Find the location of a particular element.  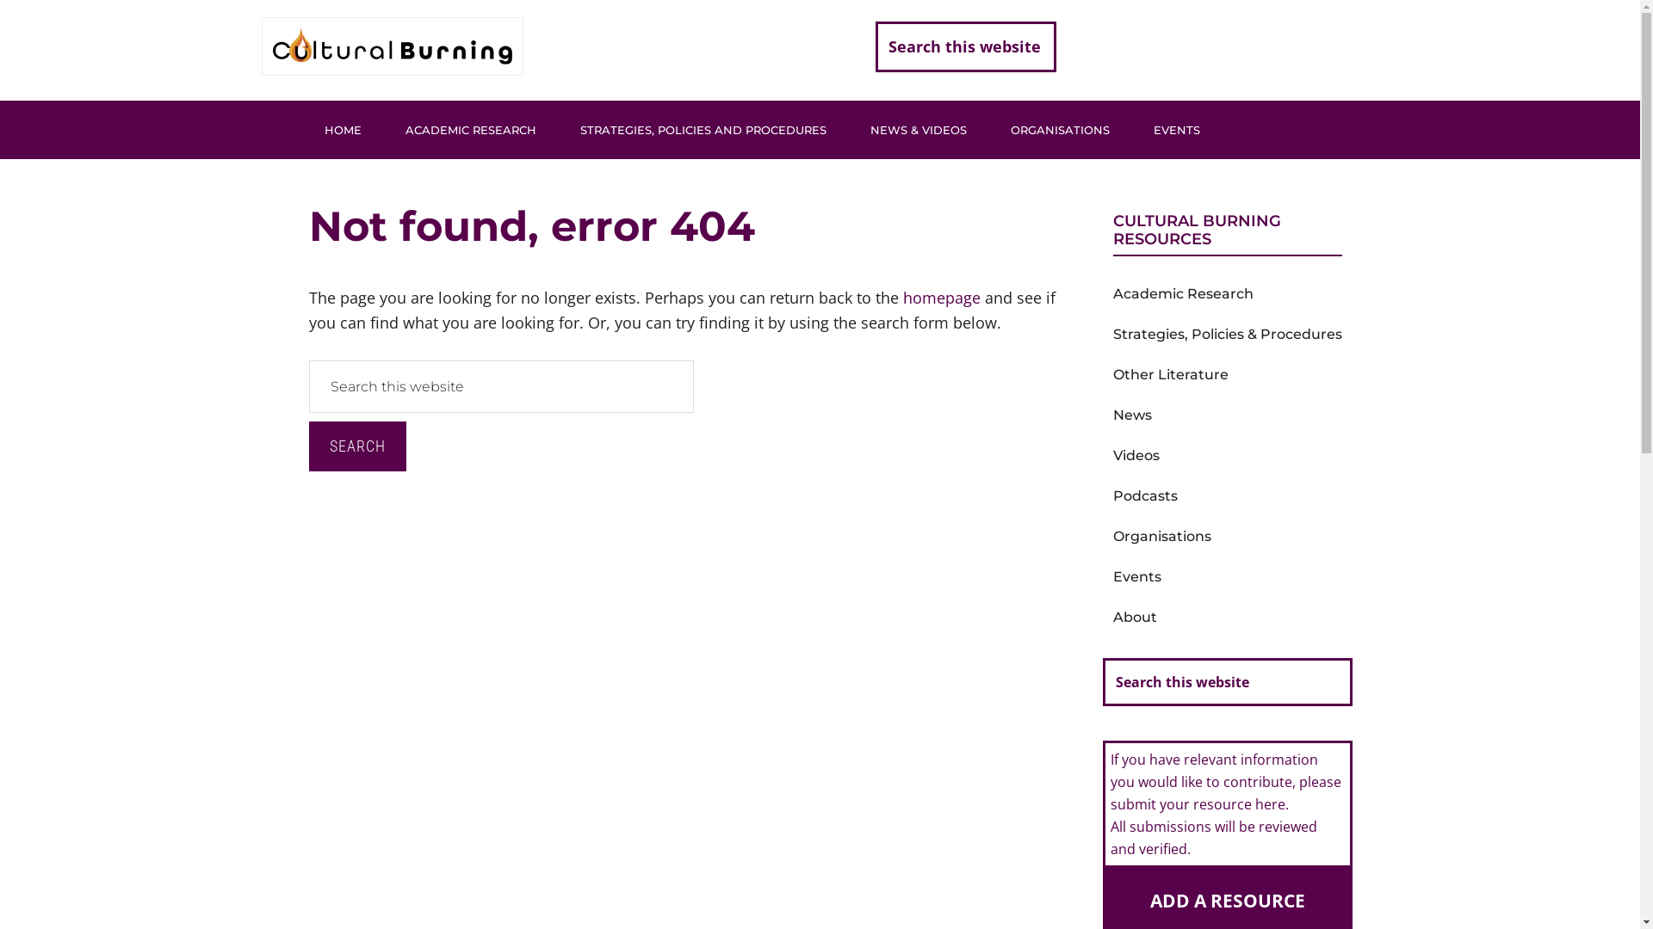

'ORGANISATIONS' is located at coordinates (1059, 124).